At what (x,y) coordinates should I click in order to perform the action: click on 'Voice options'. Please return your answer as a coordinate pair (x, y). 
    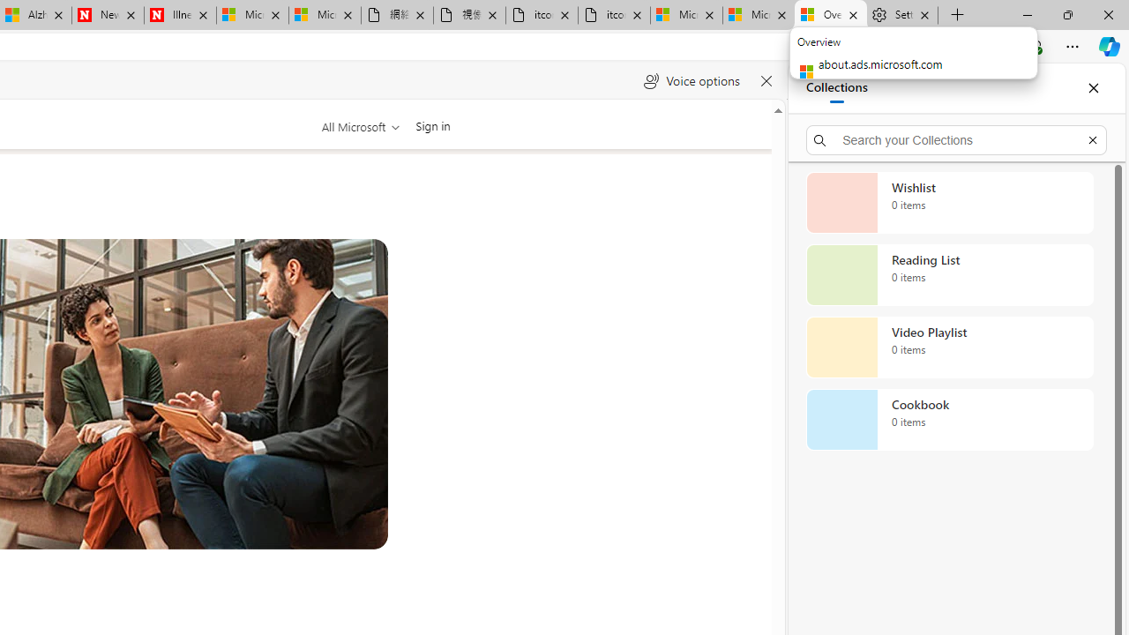
    Looking at the image, I should click on (691, 81).